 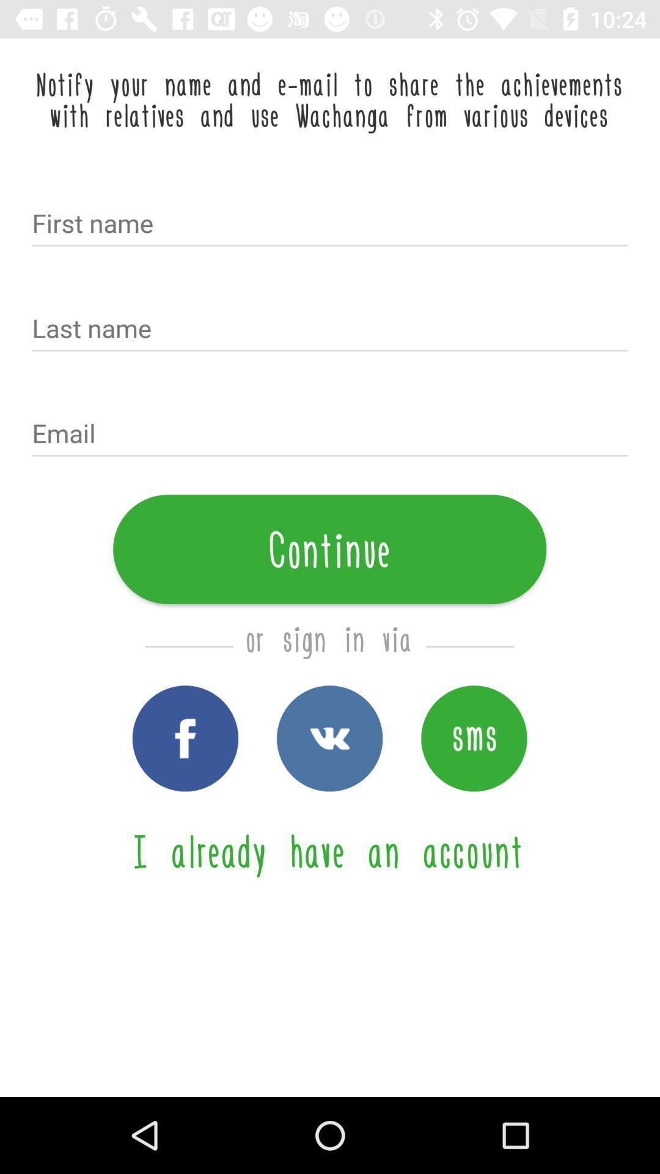 I want to click on login using vk account, so click(x=329, y=737).